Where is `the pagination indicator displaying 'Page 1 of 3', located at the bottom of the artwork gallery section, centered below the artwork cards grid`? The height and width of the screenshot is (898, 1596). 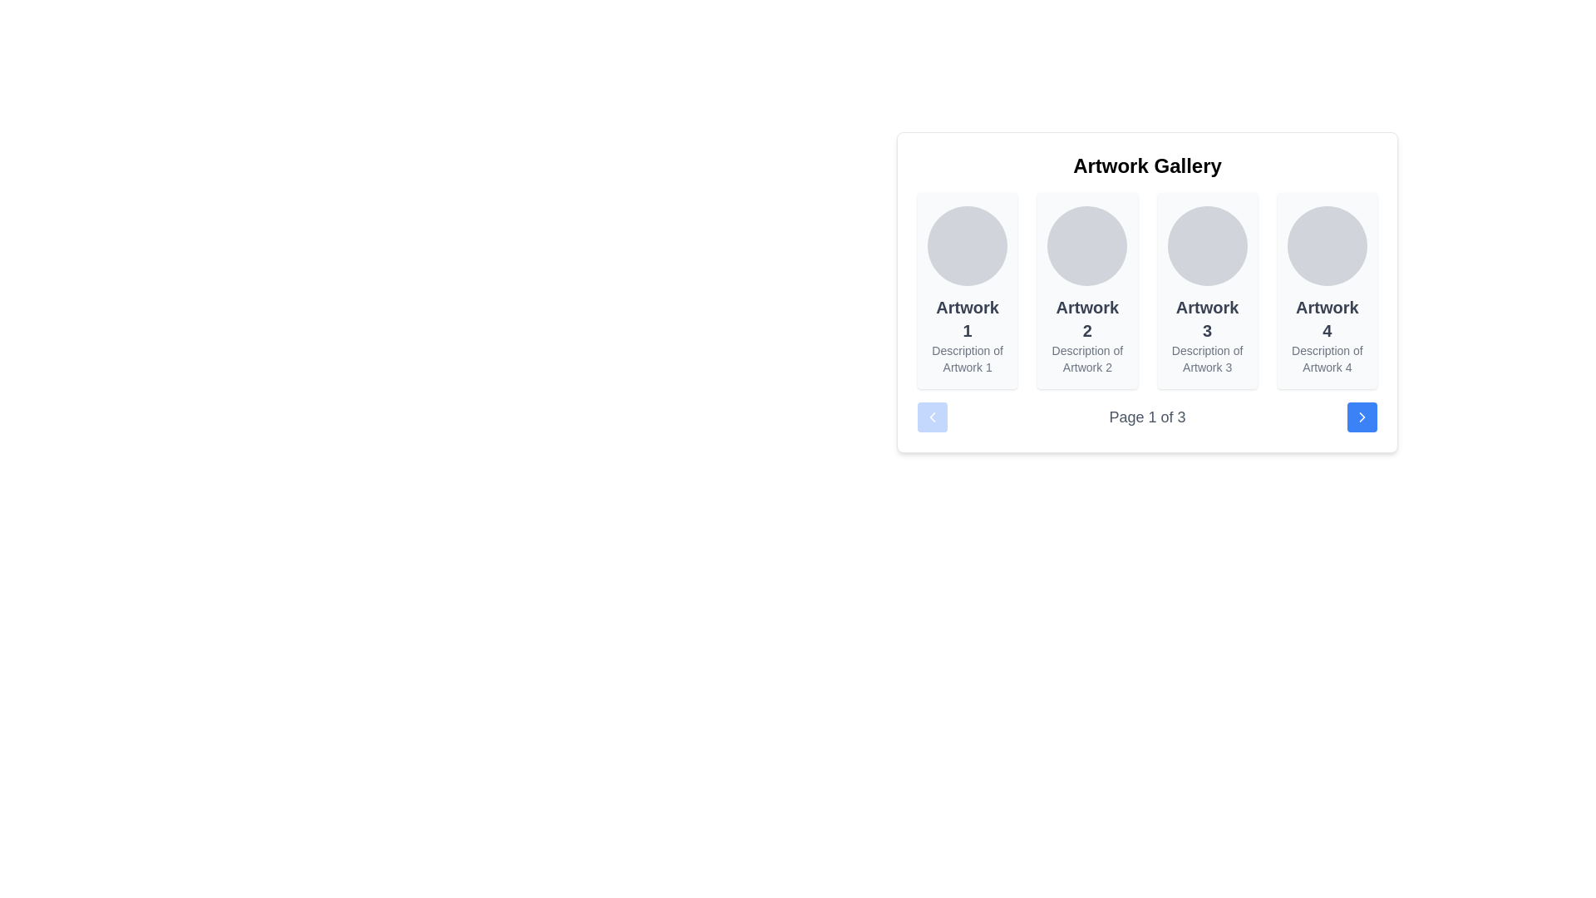 the pagination indicator displaying 'Page 1 of 3', located at the bottom of the artwork gallery section, centered below the artwork cards grid is located at coordinates (1146, 416).